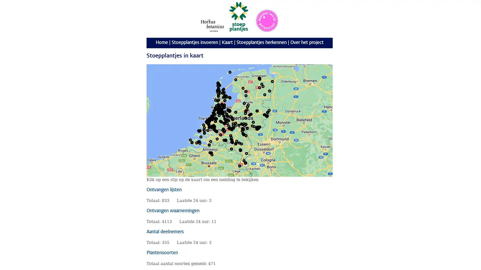 Image resolution: width=481 pixels, height=270 pixels. Describe the element at coordinates (203, 124) in the screenshot. I see `Telling van Petri Jakobs op 15 oktober 2021` at that location.